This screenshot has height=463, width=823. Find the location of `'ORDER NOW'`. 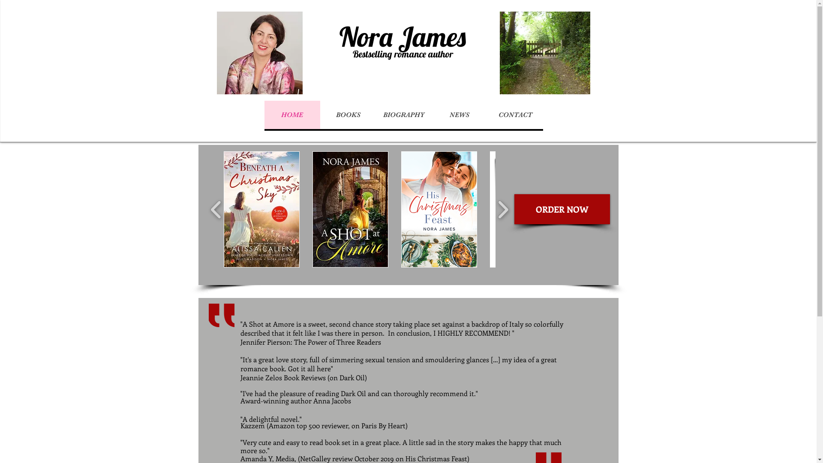

'ORDER NOW' is located at coordinates (562, 209).